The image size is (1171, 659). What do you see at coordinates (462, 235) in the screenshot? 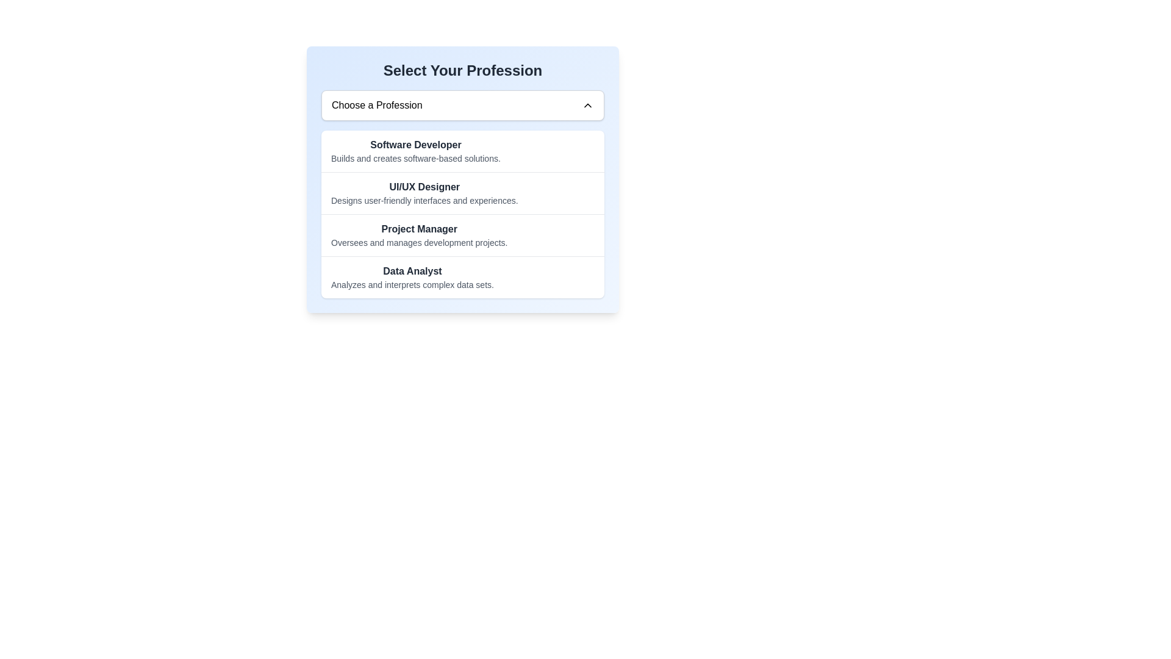
I see `the third item in the vertically stacked selectable list, positioned between 'UI/UX Designer' and 'Data Analyst'` at bounding box center [462, 235].